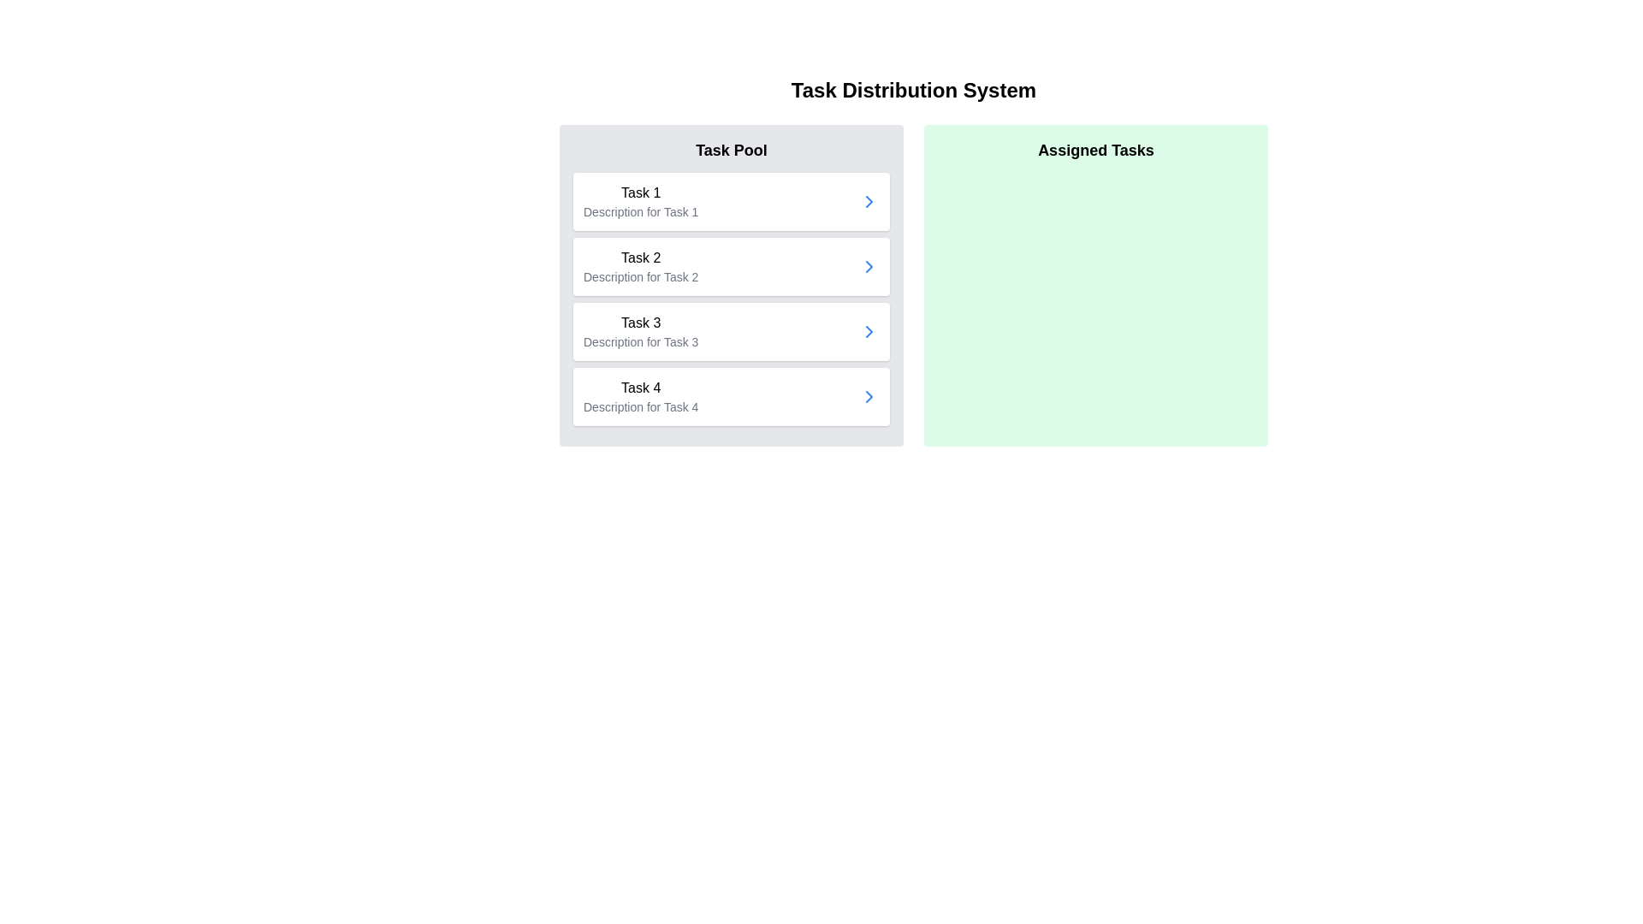  Describe the element at coordinates (869, 396) in the screenshot. I see `the arrow button located at the right end of the 'Task 4' row in the 'Task Pool' section` at that location.